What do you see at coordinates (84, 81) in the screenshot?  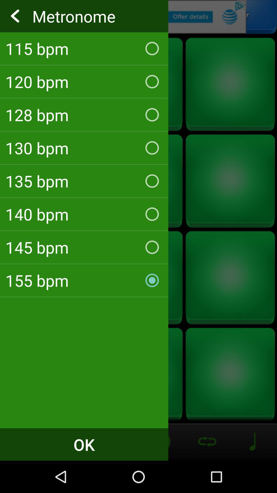 I see `the 120 bpm` at bounding box center [84, 81].